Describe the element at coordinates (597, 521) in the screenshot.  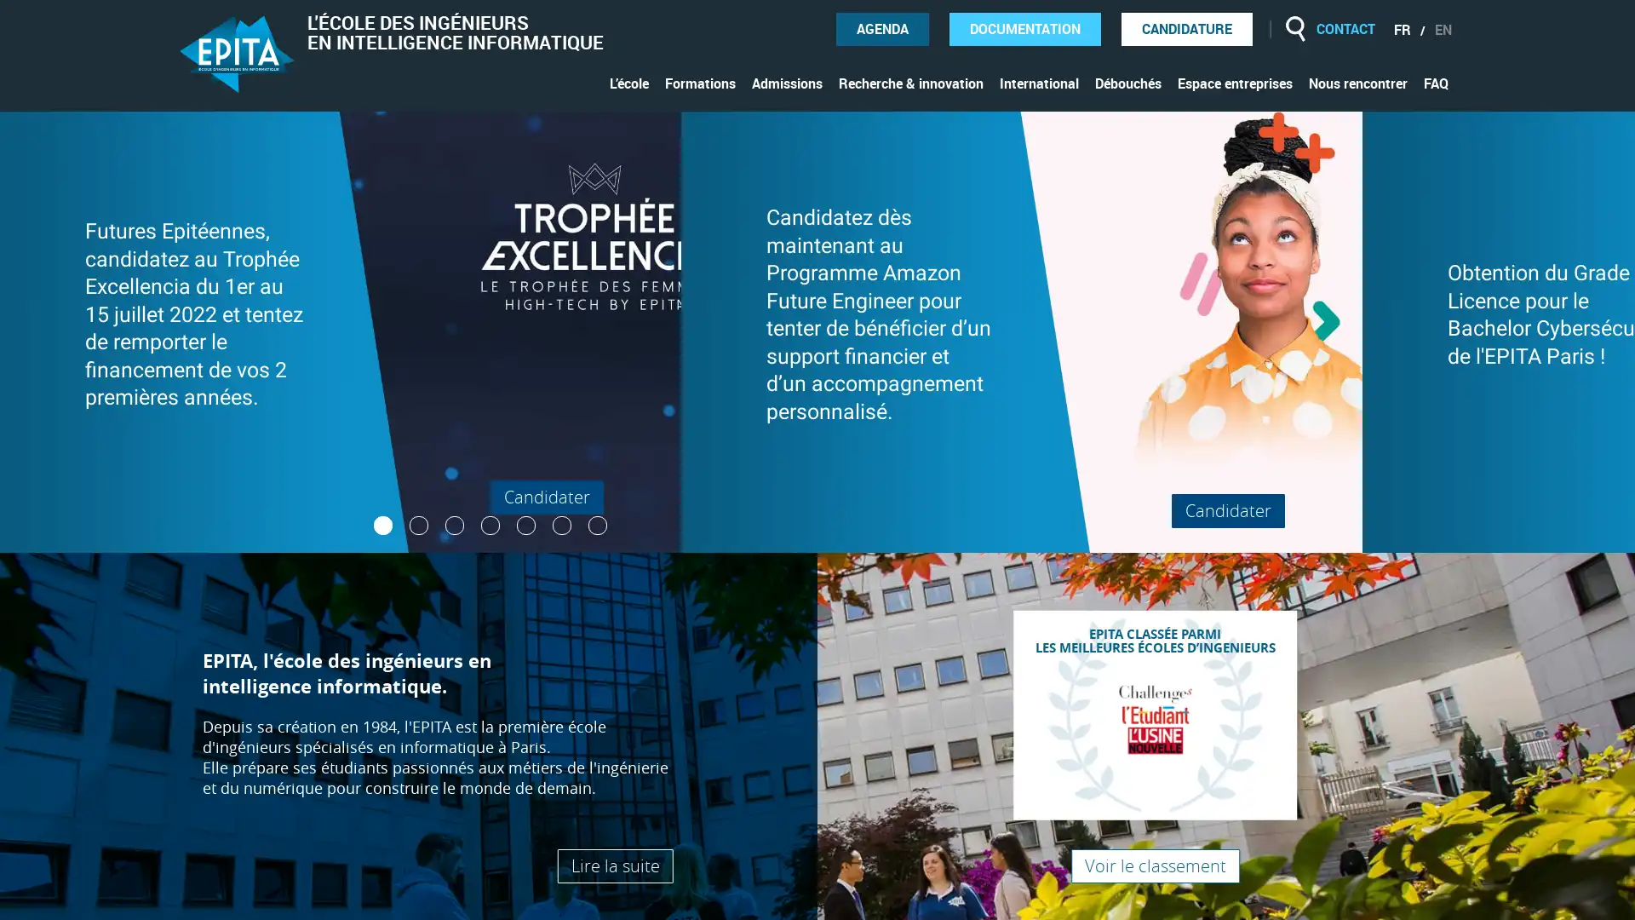
I see `7` at that location.